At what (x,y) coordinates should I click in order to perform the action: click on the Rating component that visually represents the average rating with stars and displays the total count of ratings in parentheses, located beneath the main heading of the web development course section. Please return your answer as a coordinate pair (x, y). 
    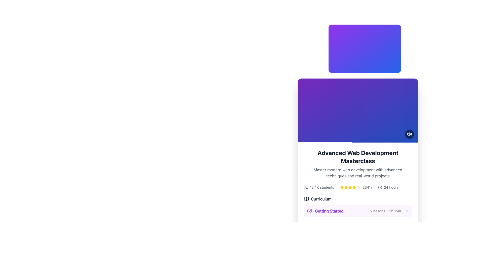
    Looking at the image, I should click on (356, 187).